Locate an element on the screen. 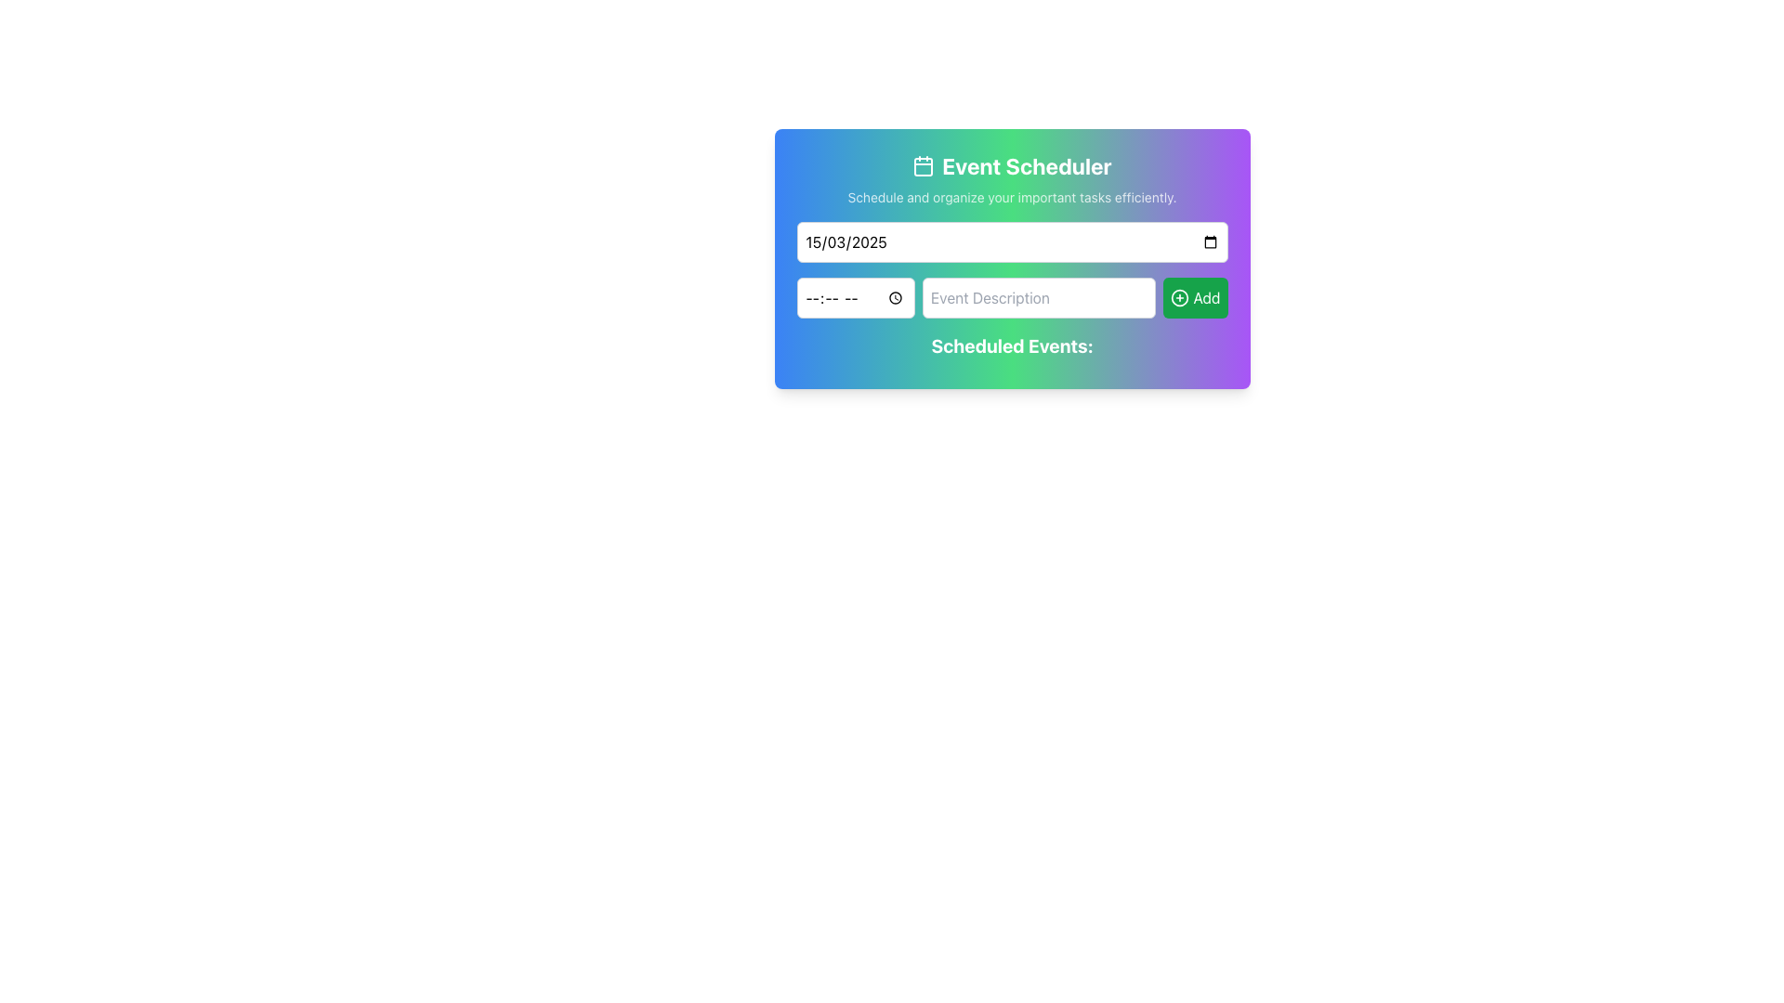  the Text Label located at the bottom of the 'Event Scheduler' card, which serves as a section header for displaying scheduled events is located at coordinates (1011, 346).